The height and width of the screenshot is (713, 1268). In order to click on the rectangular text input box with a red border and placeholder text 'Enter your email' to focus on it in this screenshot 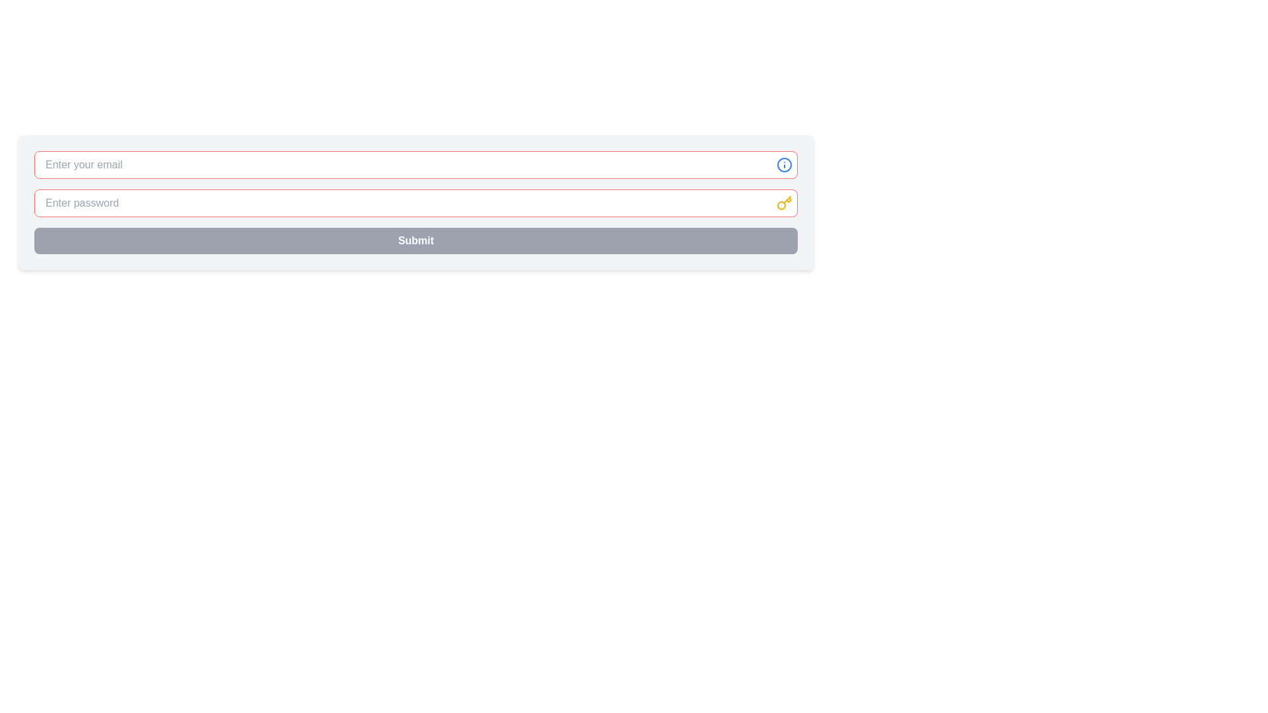, I will do `click(415, 164)`.